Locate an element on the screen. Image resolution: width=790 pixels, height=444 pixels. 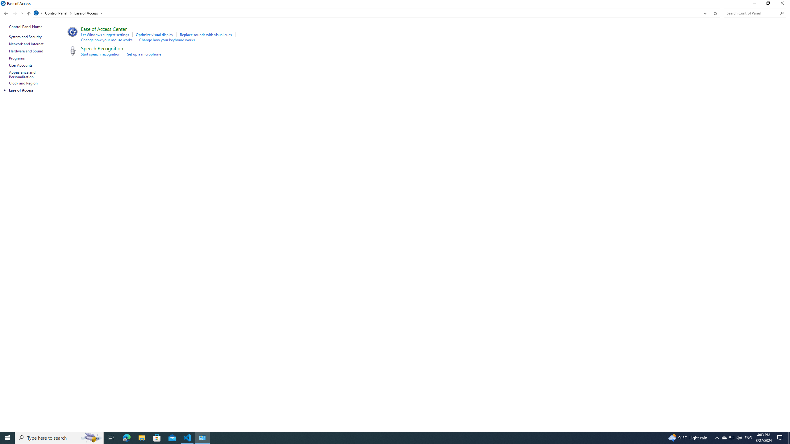
'Control Panel' is located at coordinates (58, 13).